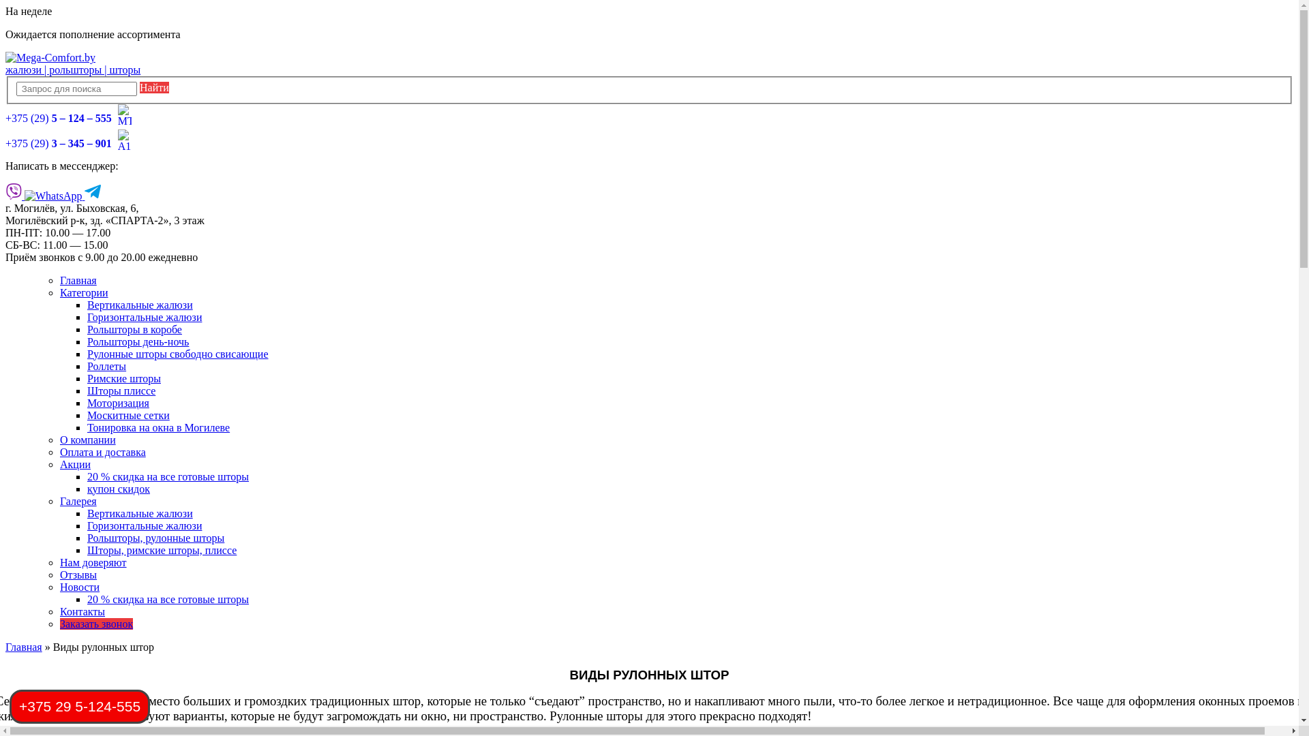 This screenshot has height=736, width=1309. I want to click on '+375 29 5-124-555', so click(10, 706).